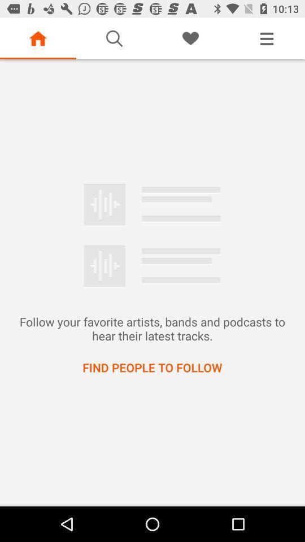 Image resolution: width=305 pixels, height=542 pixels. What do you see at coordinates (152, 366) in the screenshot?
I see `the find people to icon` at bounding box center [152, 366].